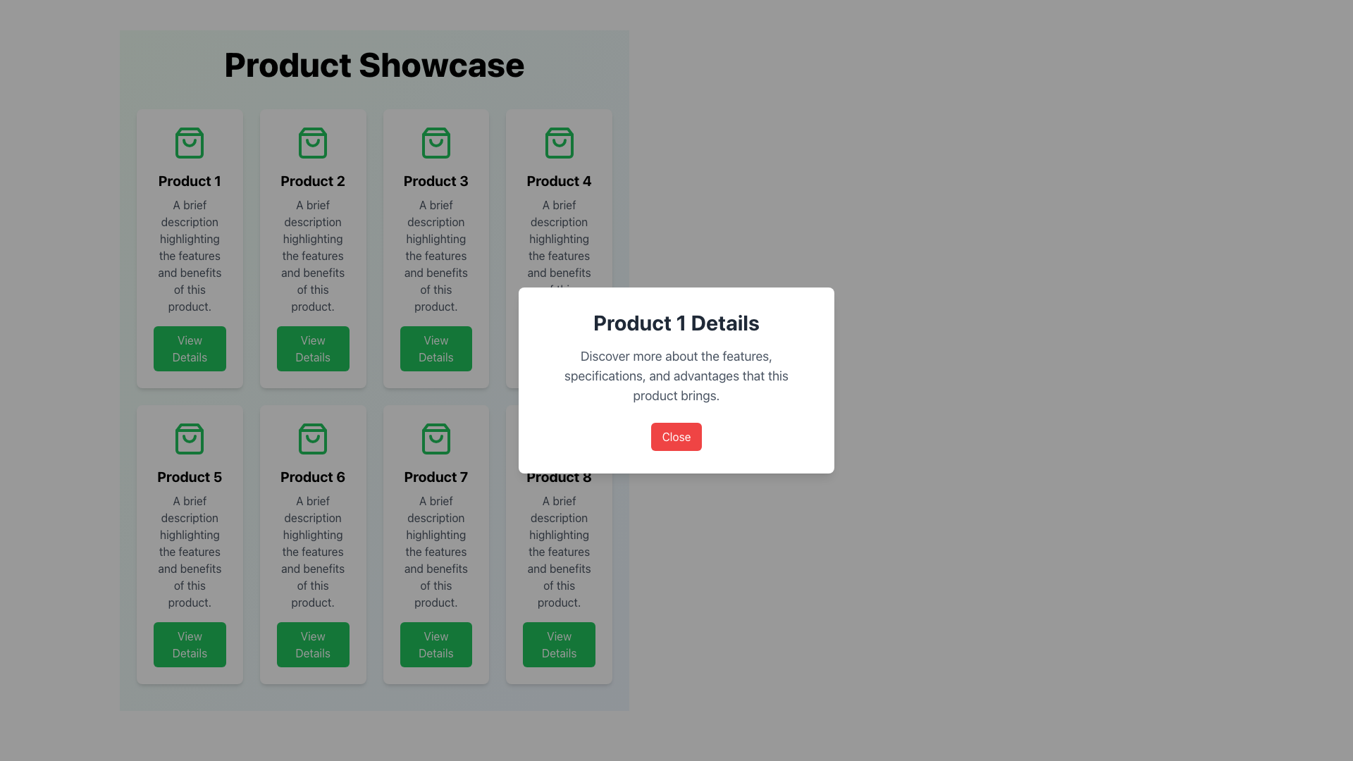  What do you see at coordinates (435, 248) in the screenshot?
I see `the third product Card component in the first row and third column, which presents an overview of the product including its name, description, and a button for further details` at bounding box center [435, 248].